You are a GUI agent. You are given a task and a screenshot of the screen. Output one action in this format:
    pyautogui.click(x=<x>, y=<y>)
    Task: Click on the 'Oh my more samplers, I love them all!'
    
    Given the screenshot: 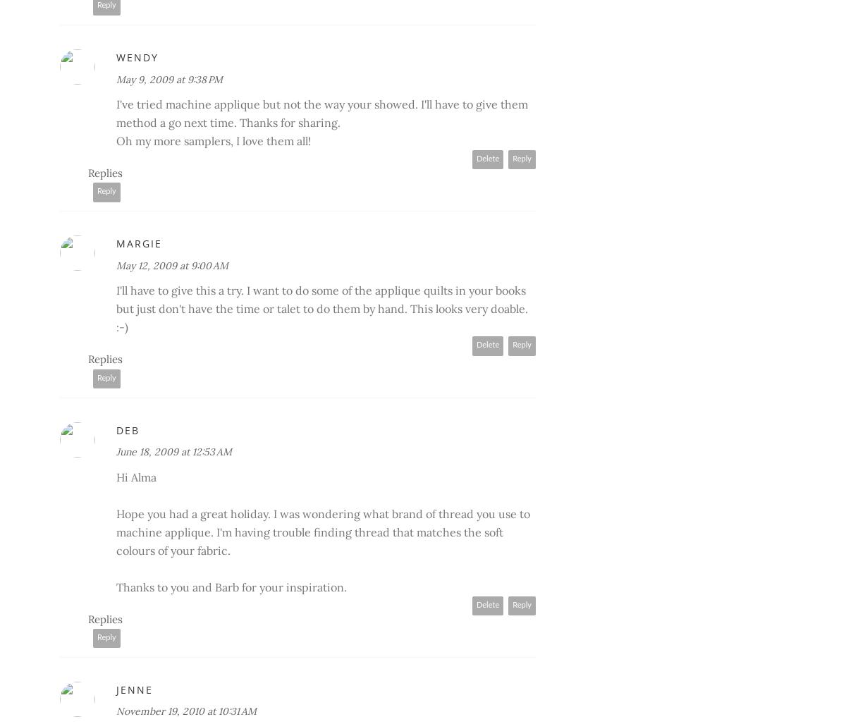 What is the action you would take?
    pyautogui.click(x=214, y=140)
    